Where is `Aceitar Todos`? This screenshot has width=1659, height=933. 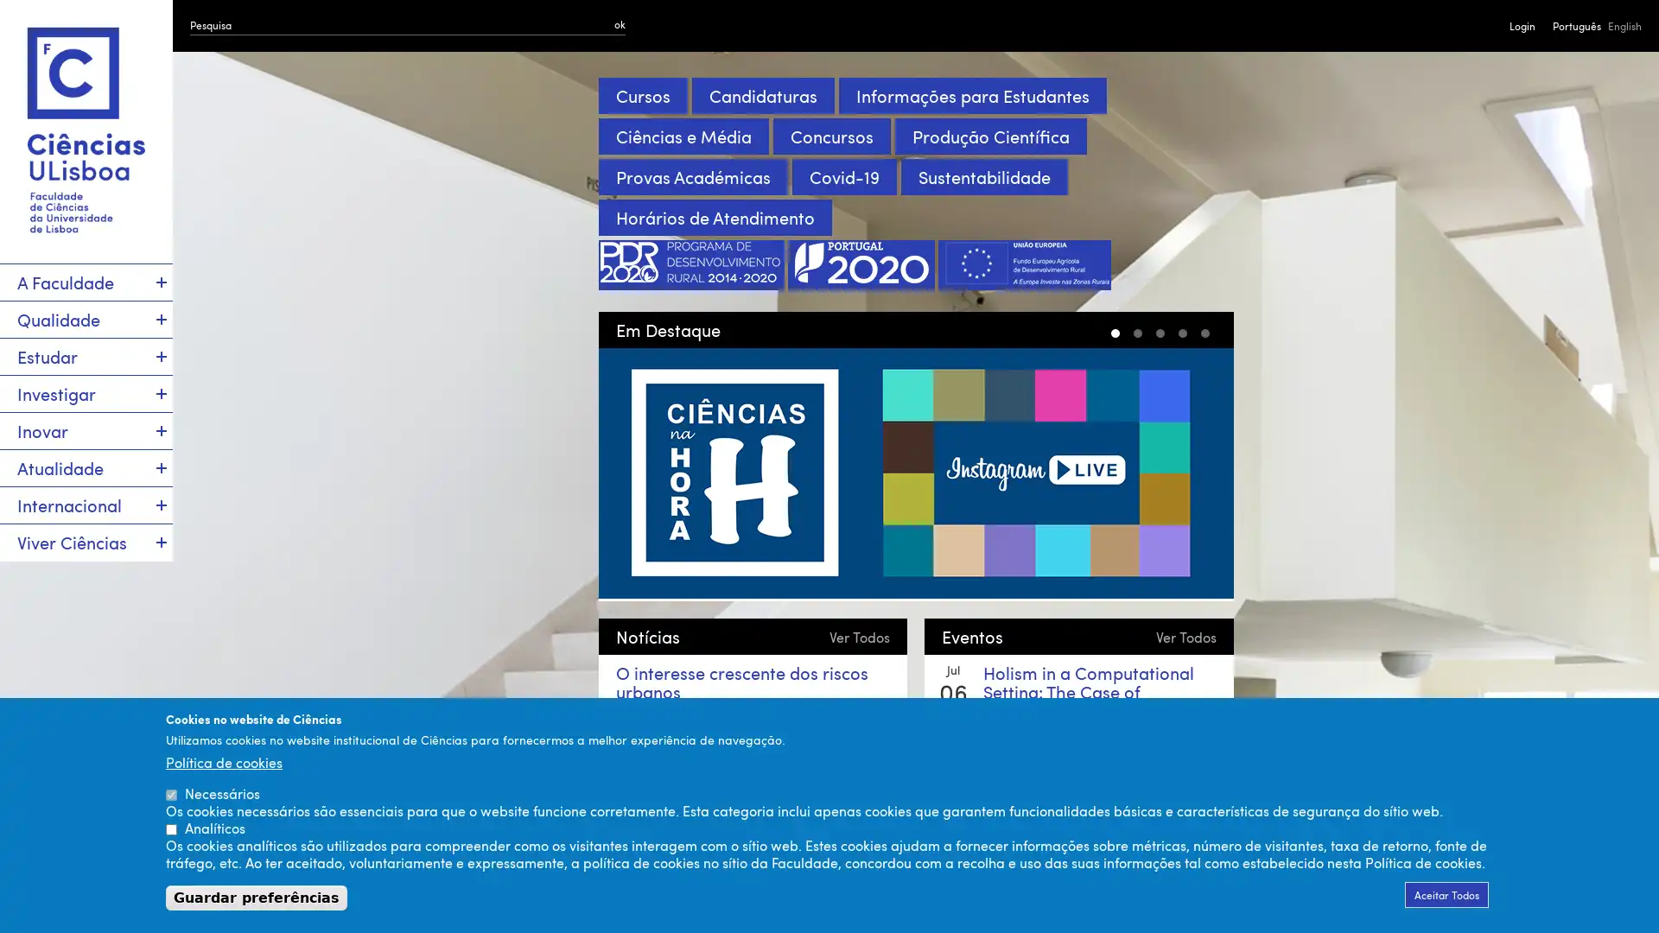 Aceitar Todos is located at coordinates (1446, 894).